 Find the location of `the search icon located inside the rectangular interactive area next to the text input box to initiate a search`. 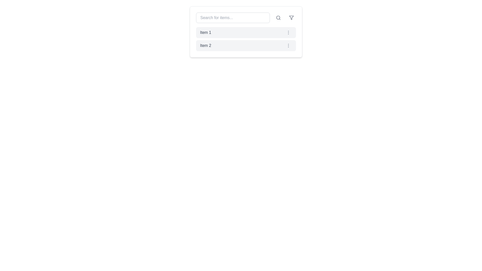

the search icon located inside the rectangular interactive area next to the text input box to initiate a search is located at coordinates (278, 17).